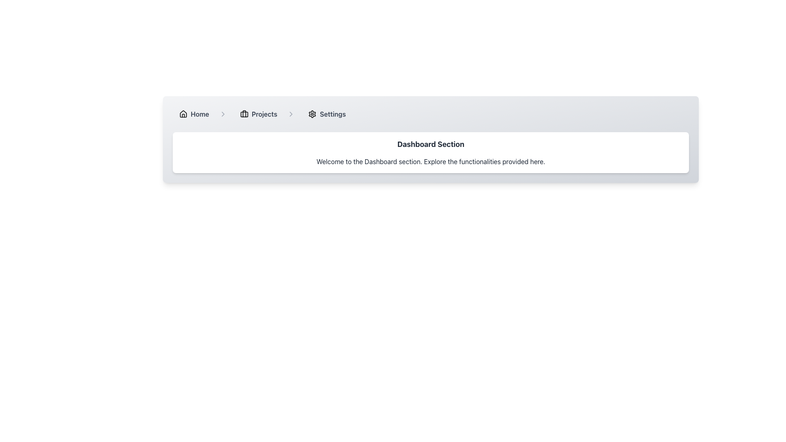 This screenshot has width=786, height=442. I want to click on the Breadcrumb Navigation Bar located at the top portion of the panel above the Dashboard Section, so click(430, 114).